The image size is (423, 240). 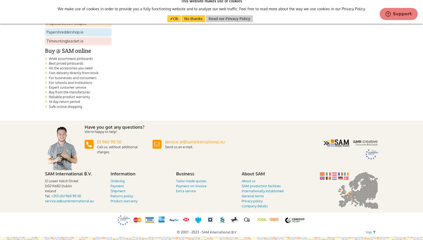 I want to click on 'Reliable product warranty', so click(x=69, y=97).